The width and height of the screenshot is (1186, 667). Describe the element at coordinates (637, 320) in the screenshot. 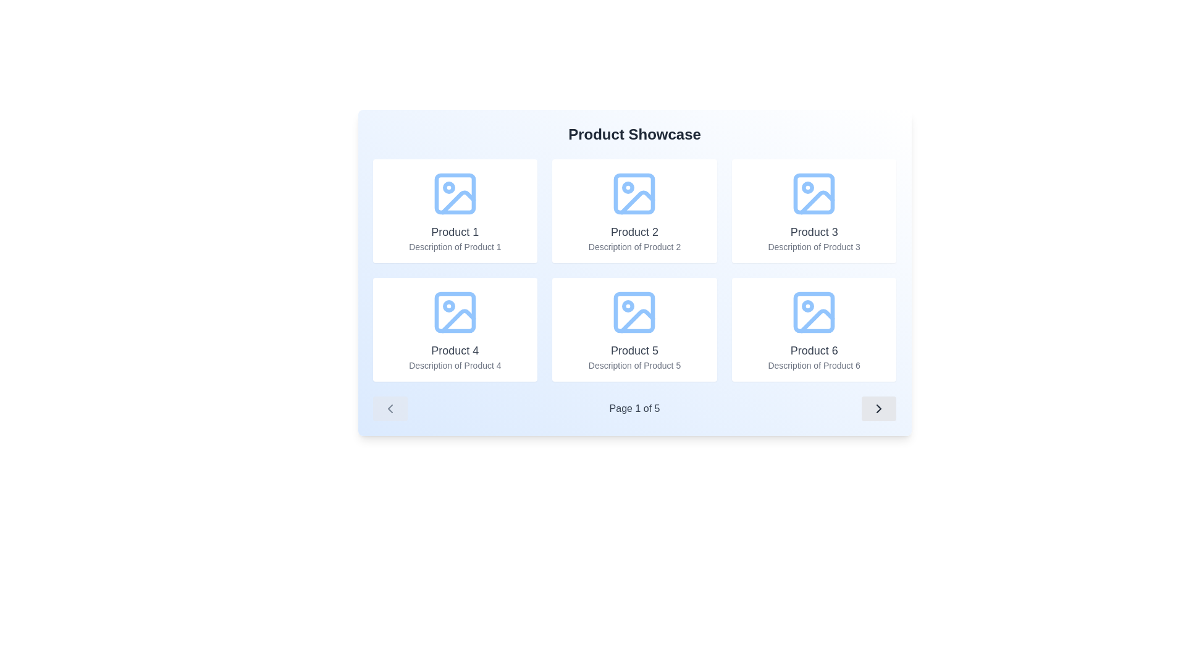

I see `the decorative iconic vector graphic located in the center image placeholder of the second row and first column in the six-item grid` at that location.